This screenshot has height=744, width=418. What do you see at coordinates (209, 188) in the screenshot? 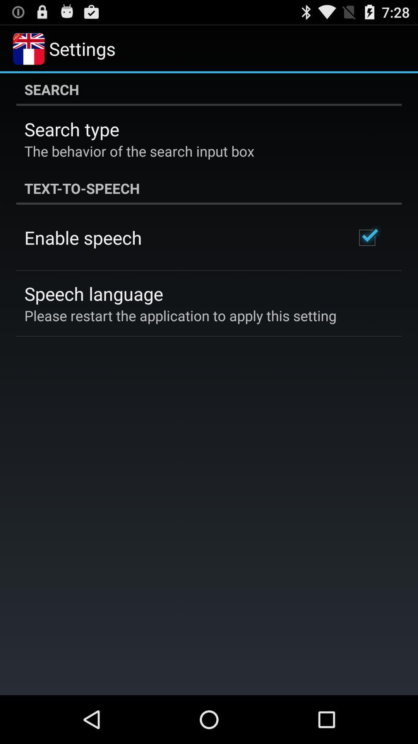
I see `the text-to-speech item` at bounding box center [209, 188].